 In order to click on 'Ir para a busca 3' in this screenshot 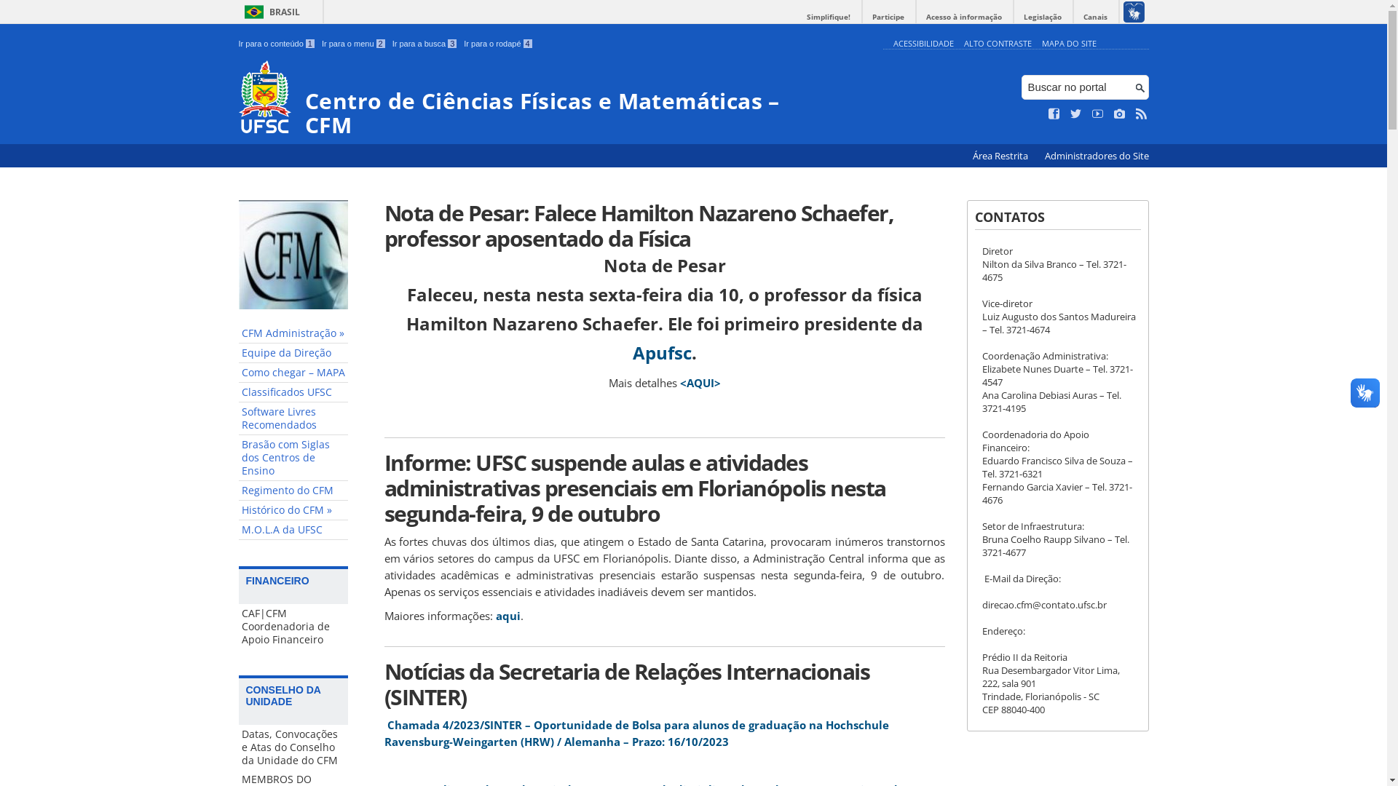, I will do `click(424, 43)`.